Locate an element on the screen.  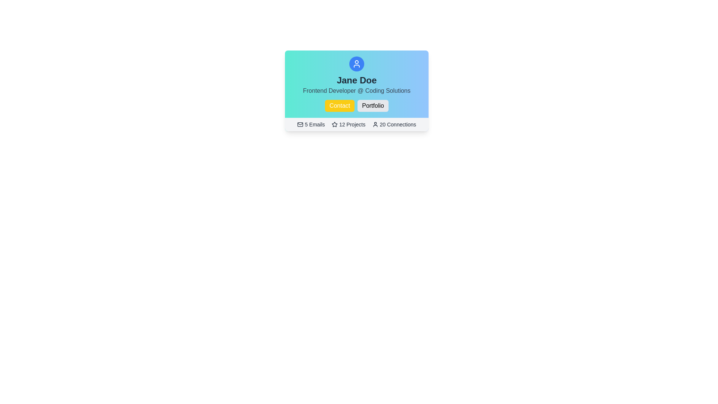
any of the category icons in the horizontally aligned text group featuring statistics below the 'Jane Doe' card is located at coordinates (356, 124).